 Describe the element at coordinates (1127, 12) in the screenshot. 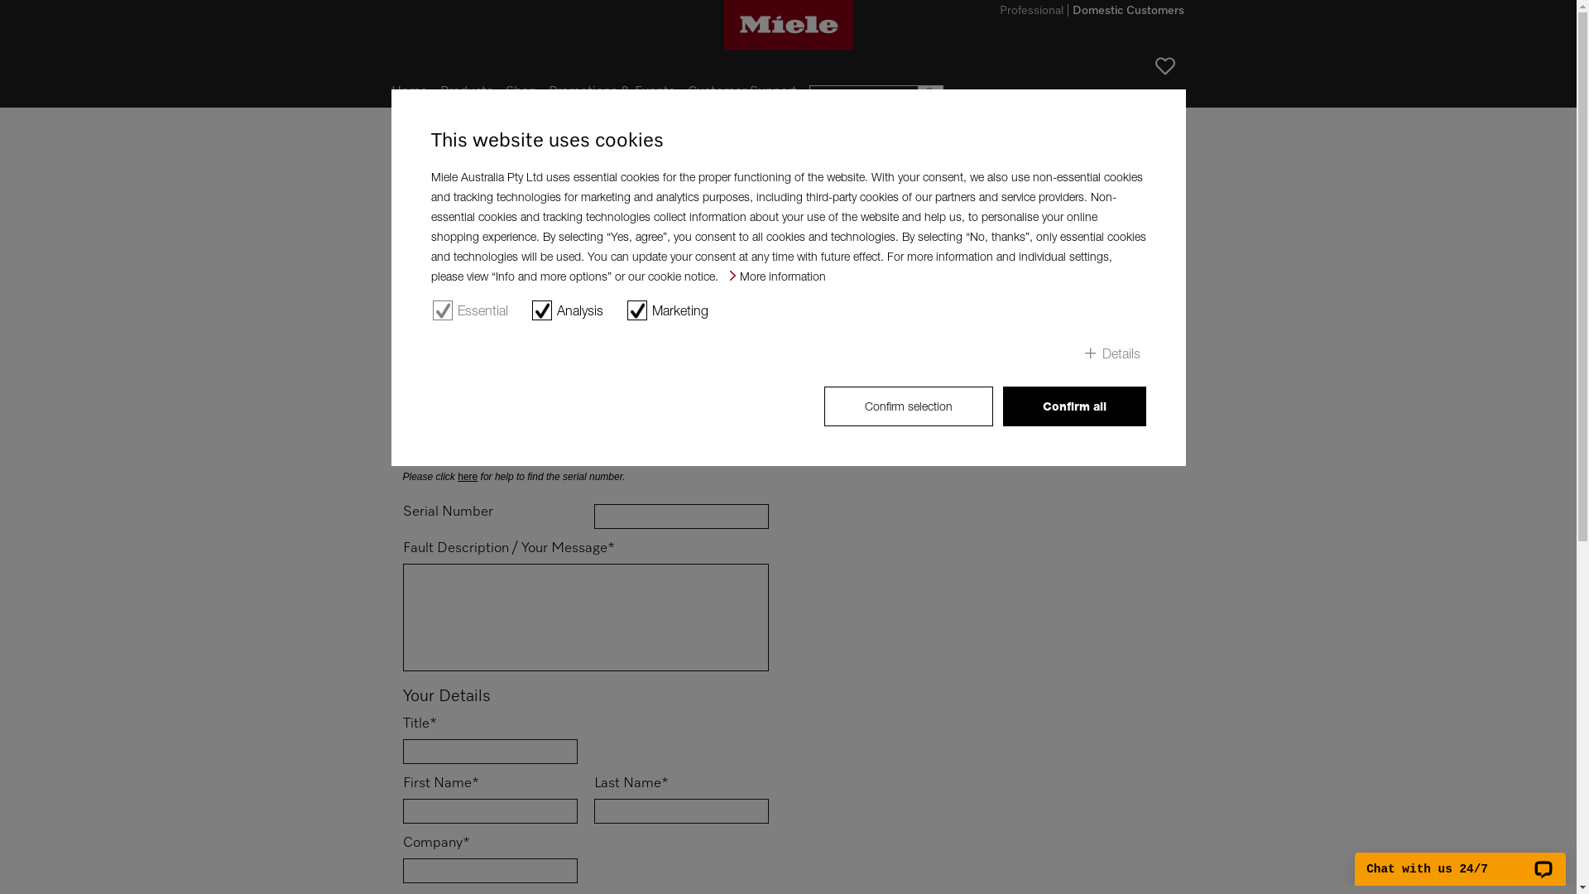

I see `'Domestic Customers'` at that location.